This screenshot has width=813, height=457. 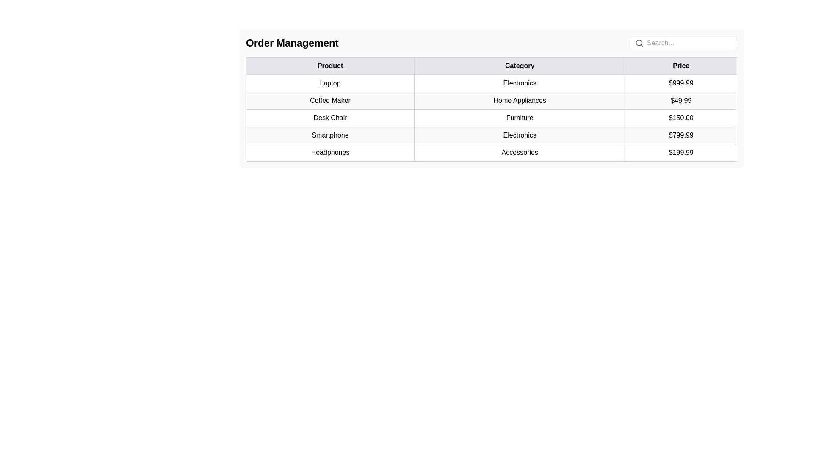 What do you see at coordinates (681, 83) in the screenshot?
I see `the price text label displaying '$999.99' in the first row of the product table, aligned with 'Laptop' in the 'Product' column and 'Electronics' in the 'Category' column` at bounding box center [681, 83].